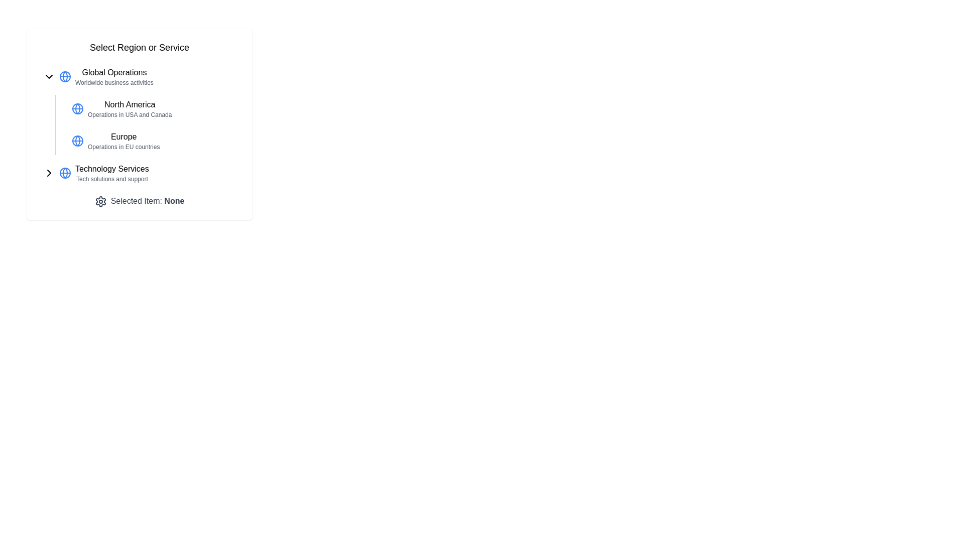  Describe the element at coordinates (48, 76) in the screenshot. I see `the chevron icon to the immediate left of the globe icon in the list item starting with 'Global Operations'` at that location.